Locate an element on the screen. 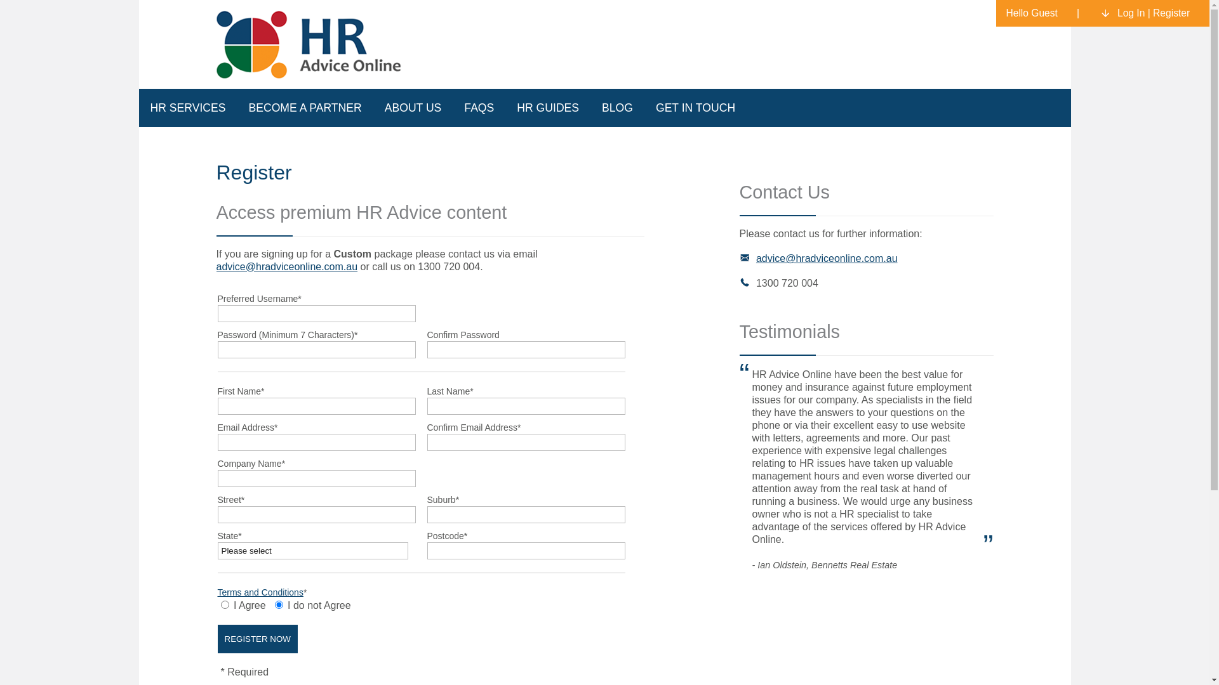  'HR GUIDES' is located at coordinates (548, 107).